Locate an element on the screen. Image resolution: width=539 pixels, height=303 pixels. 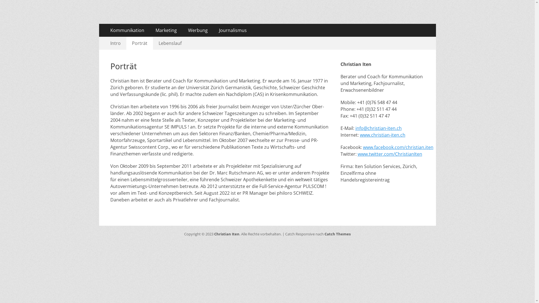
'info@christian-iten.ch' is located at coordinates (378, 128).